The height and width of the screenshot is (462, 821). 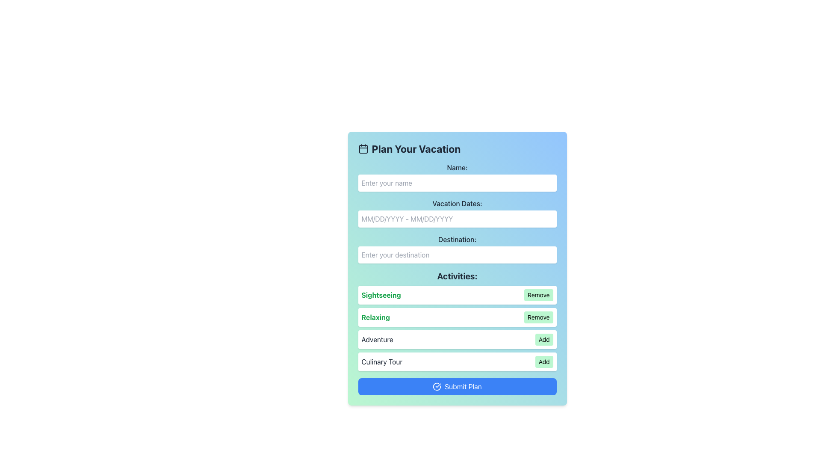 I want to click on the Label and Text Input Pair that prompts for the user's desired vacation destination, located between the 'Vacation Dates:' input field and the 'Activities:' section, so click(x=457, y=249).